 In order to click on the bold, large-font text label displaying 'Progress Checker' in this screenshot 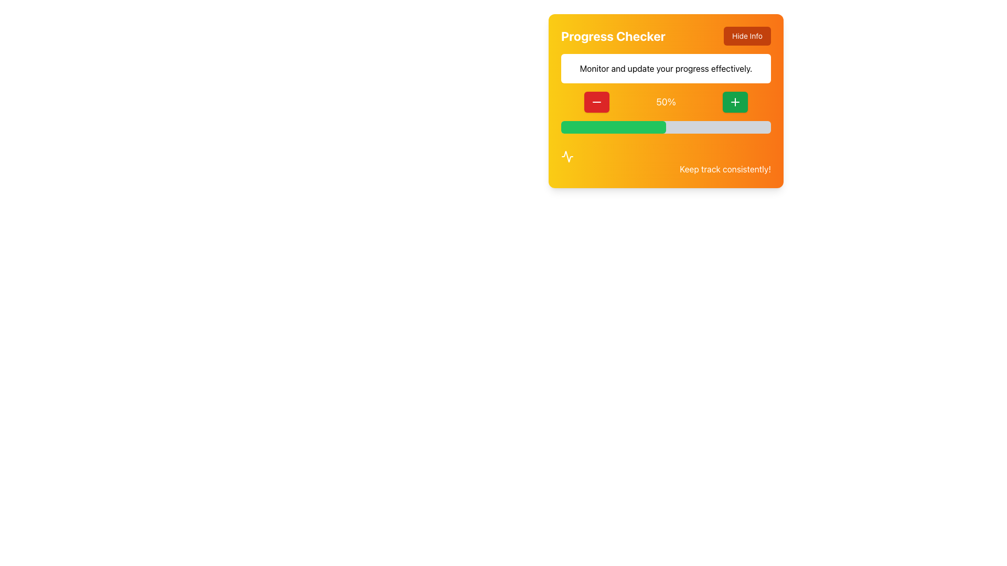, I will do `click(613, 36)`.